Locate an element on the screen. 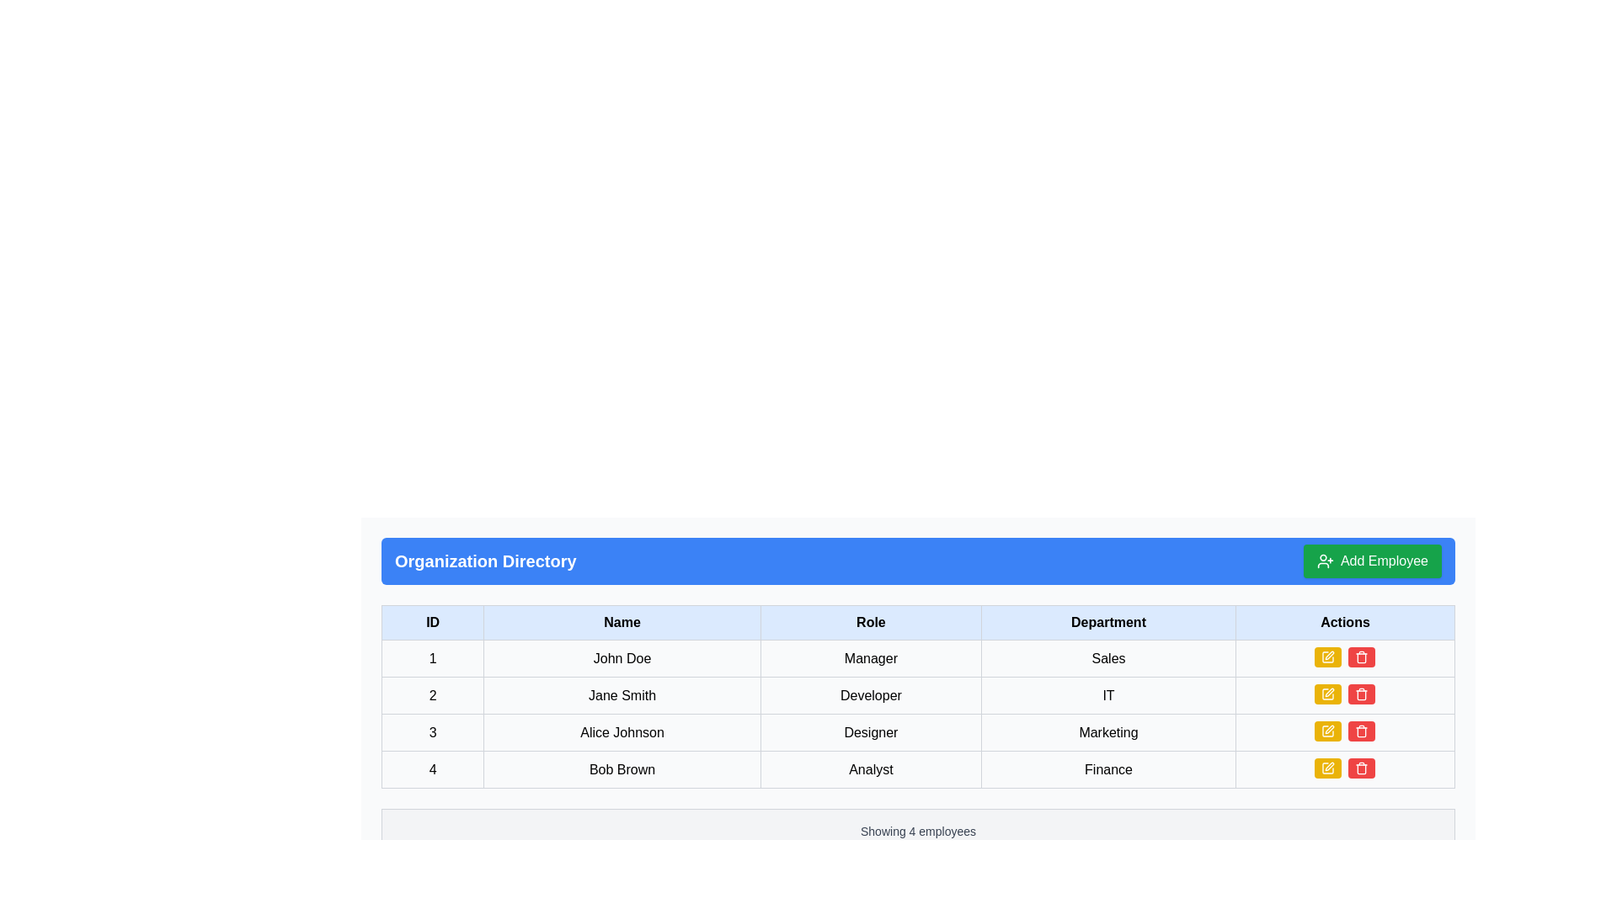 The height and width of the screenshot is (909, 1617). the delete icon located in the 'Actions' column of the fourth row of the table, positioned to the right of the edit action icon is located at coordinates (1362, 731).